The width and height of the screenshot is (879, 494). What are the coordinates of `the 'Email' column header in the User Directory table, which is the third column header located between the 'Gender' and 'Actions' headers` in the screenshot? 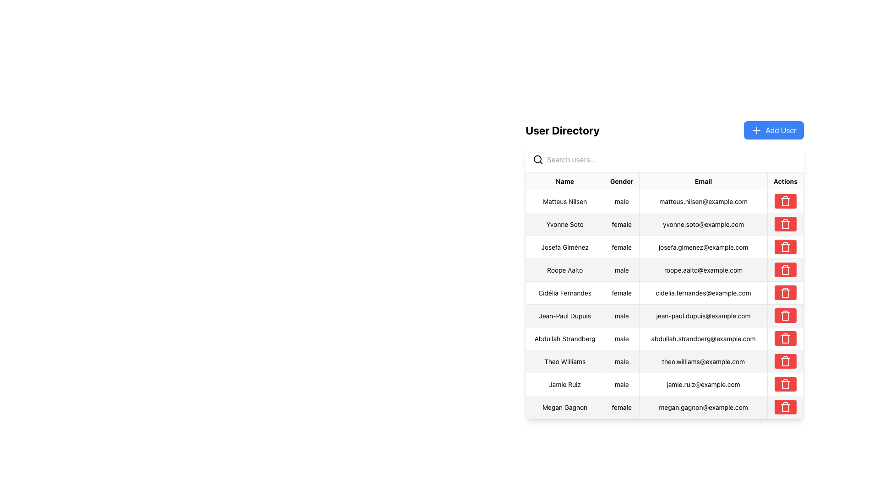 It's located at (703, 182).